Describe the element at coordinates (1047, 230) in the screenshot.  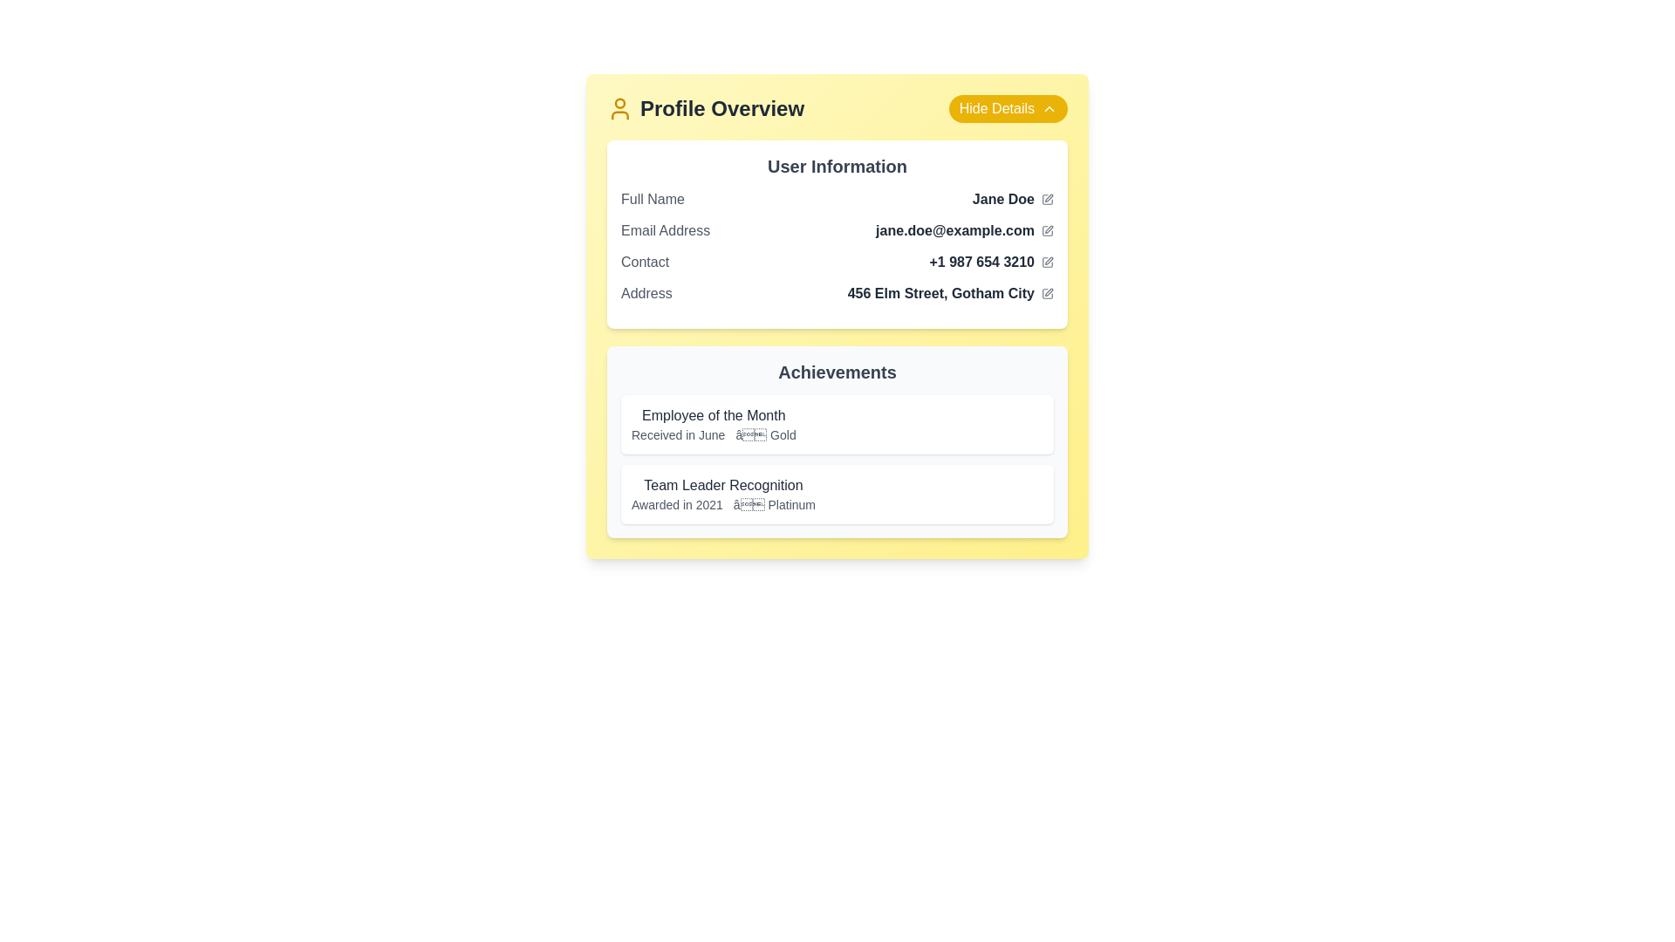
I see `the Icon button (editable action) which resembles a pen within a square, located to the right of the 'Email Address' row in the 'User Information' section` at that location.